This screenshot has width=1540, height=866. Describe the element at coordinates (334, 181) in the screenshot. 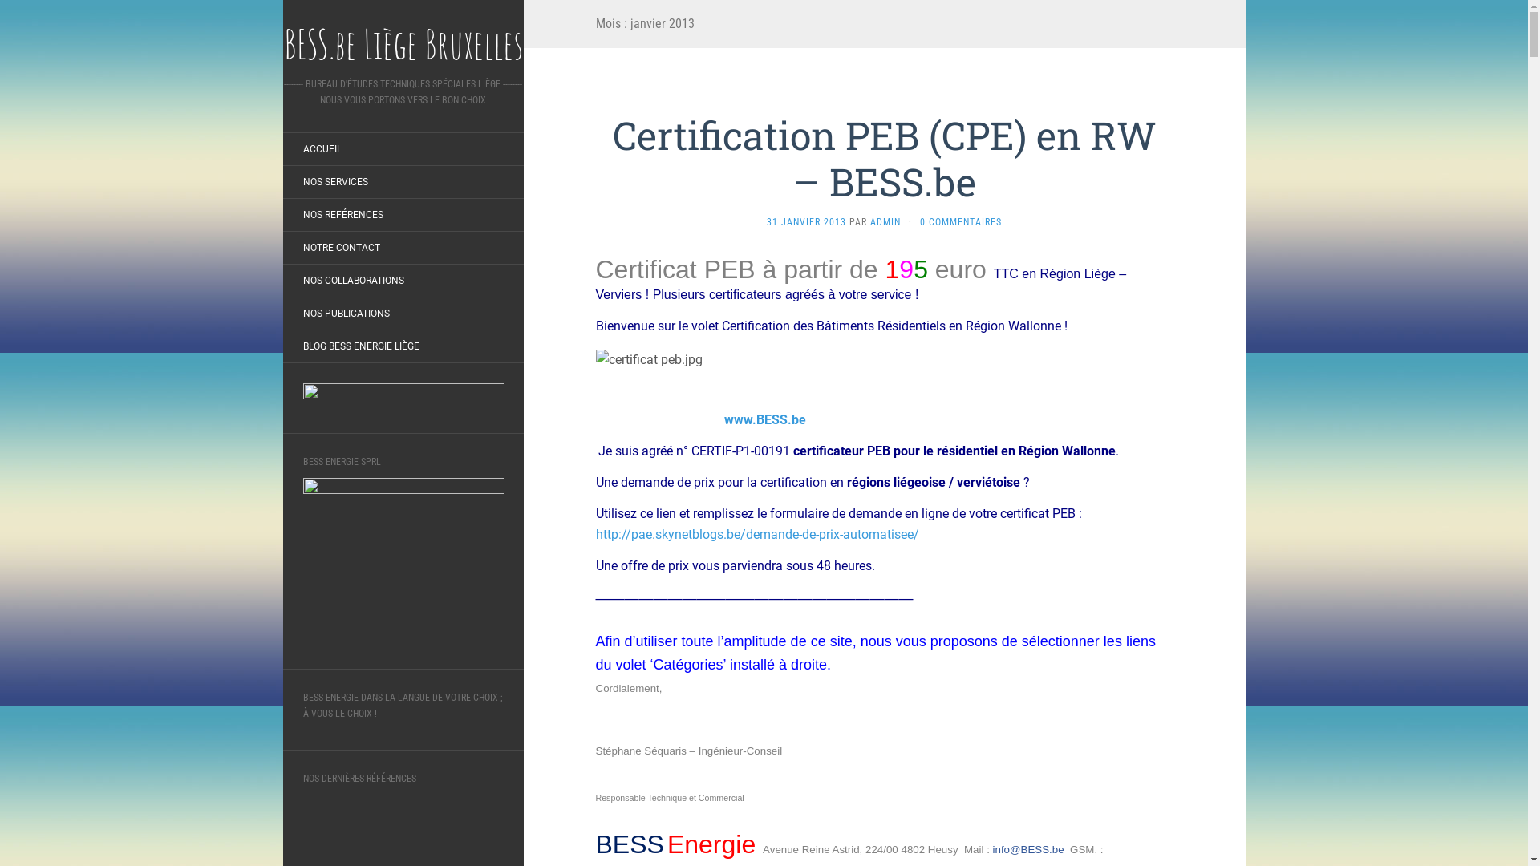

I see `'NOS SERVICES'` at that location.